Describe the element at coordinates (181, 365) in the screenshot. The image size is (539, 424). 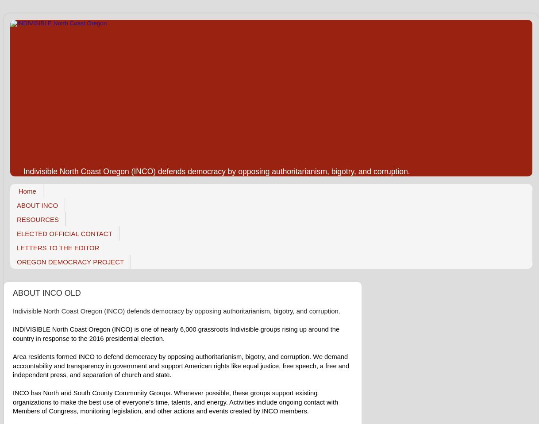
I see `'Area residents formed INCO to defend democracy by opposing authoritarianism, bigotry, and corruption. We demand accountability and transparency in government and support American rights like equal justice, free speech, a free and independent press, and separation of church and state.'` at that location.